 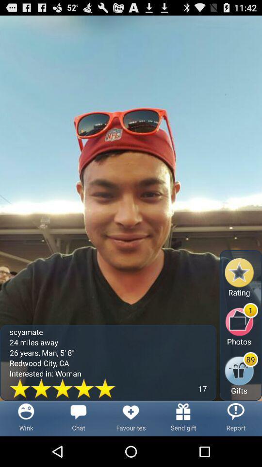 I want to click on the button next to the wink icon, so click(x=78, y=418).